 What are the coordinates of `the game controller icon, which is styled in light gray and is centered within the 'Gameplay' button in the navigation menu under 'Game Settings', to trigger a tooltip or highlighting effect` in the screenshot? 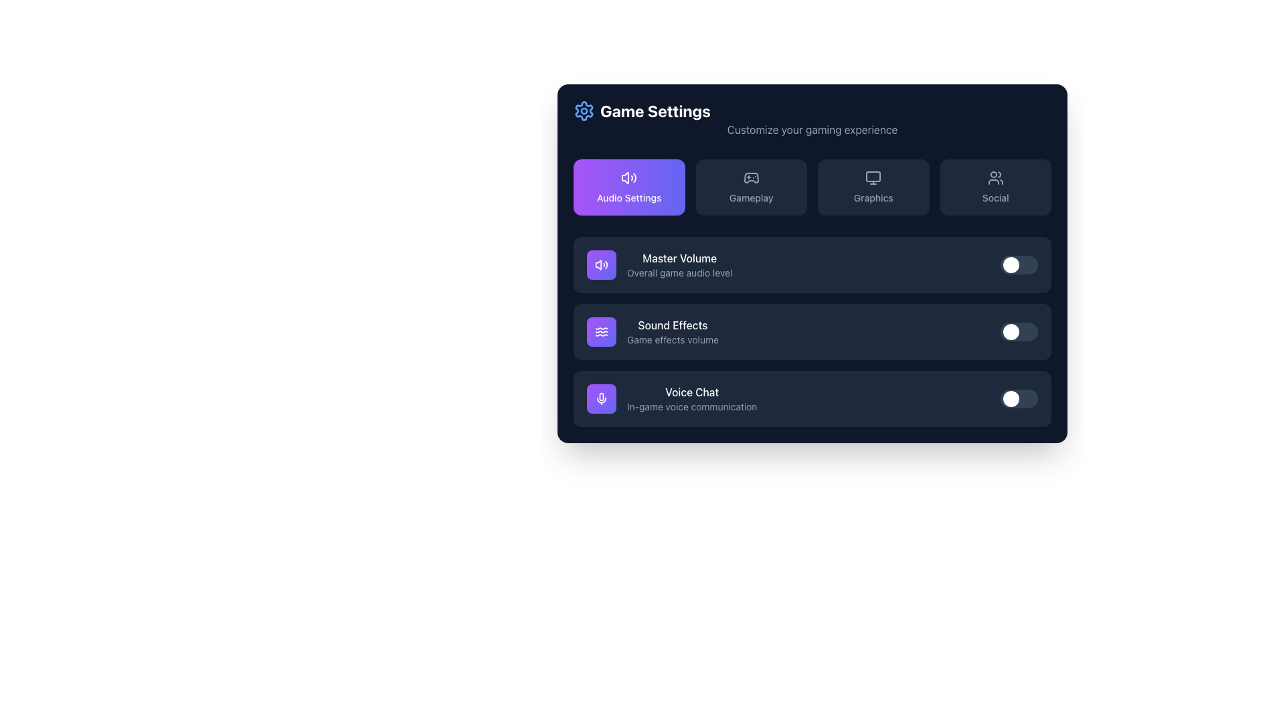 It's located at (751, 177).